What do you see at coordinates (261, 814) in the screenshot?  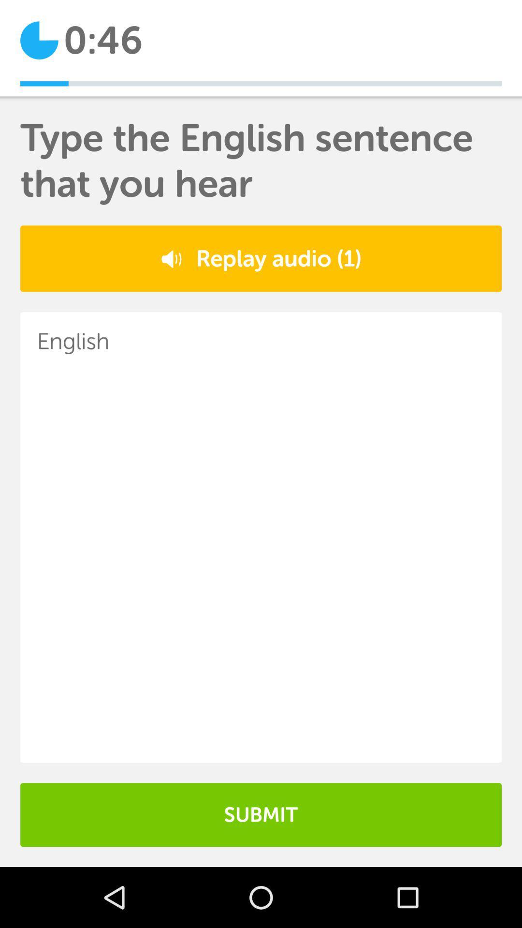 I see `the item below english item` at bounding box center [261, 814].